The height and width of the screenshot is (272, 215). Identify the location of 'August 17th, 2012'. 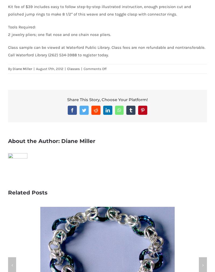
(36, 68).